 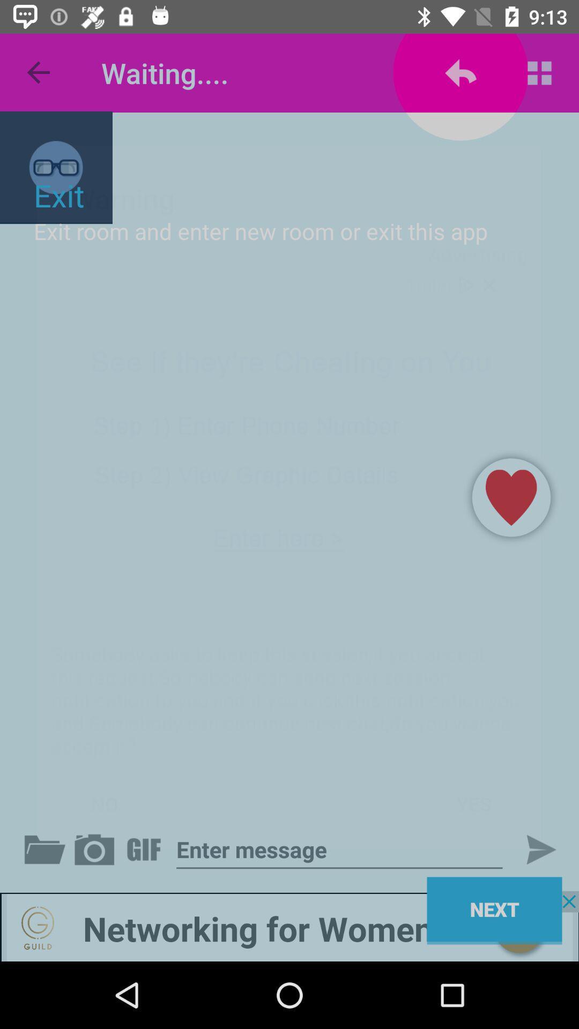 I want to click on next button, so click(x=532, y=849).